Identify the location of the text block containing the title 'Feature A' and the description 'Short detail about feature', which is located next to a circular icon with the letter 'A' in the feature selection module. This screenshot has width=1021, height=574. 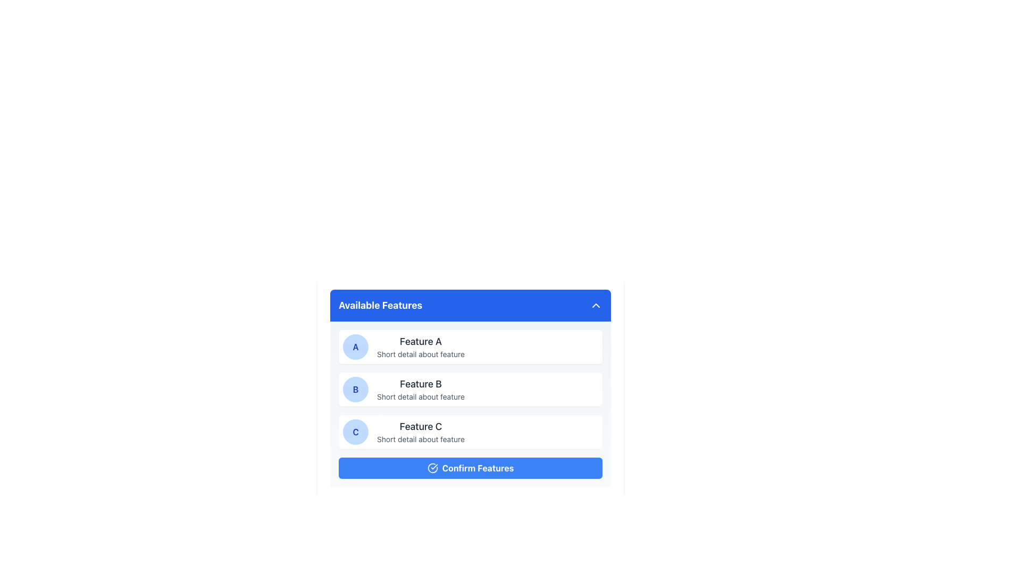
(420, 347).